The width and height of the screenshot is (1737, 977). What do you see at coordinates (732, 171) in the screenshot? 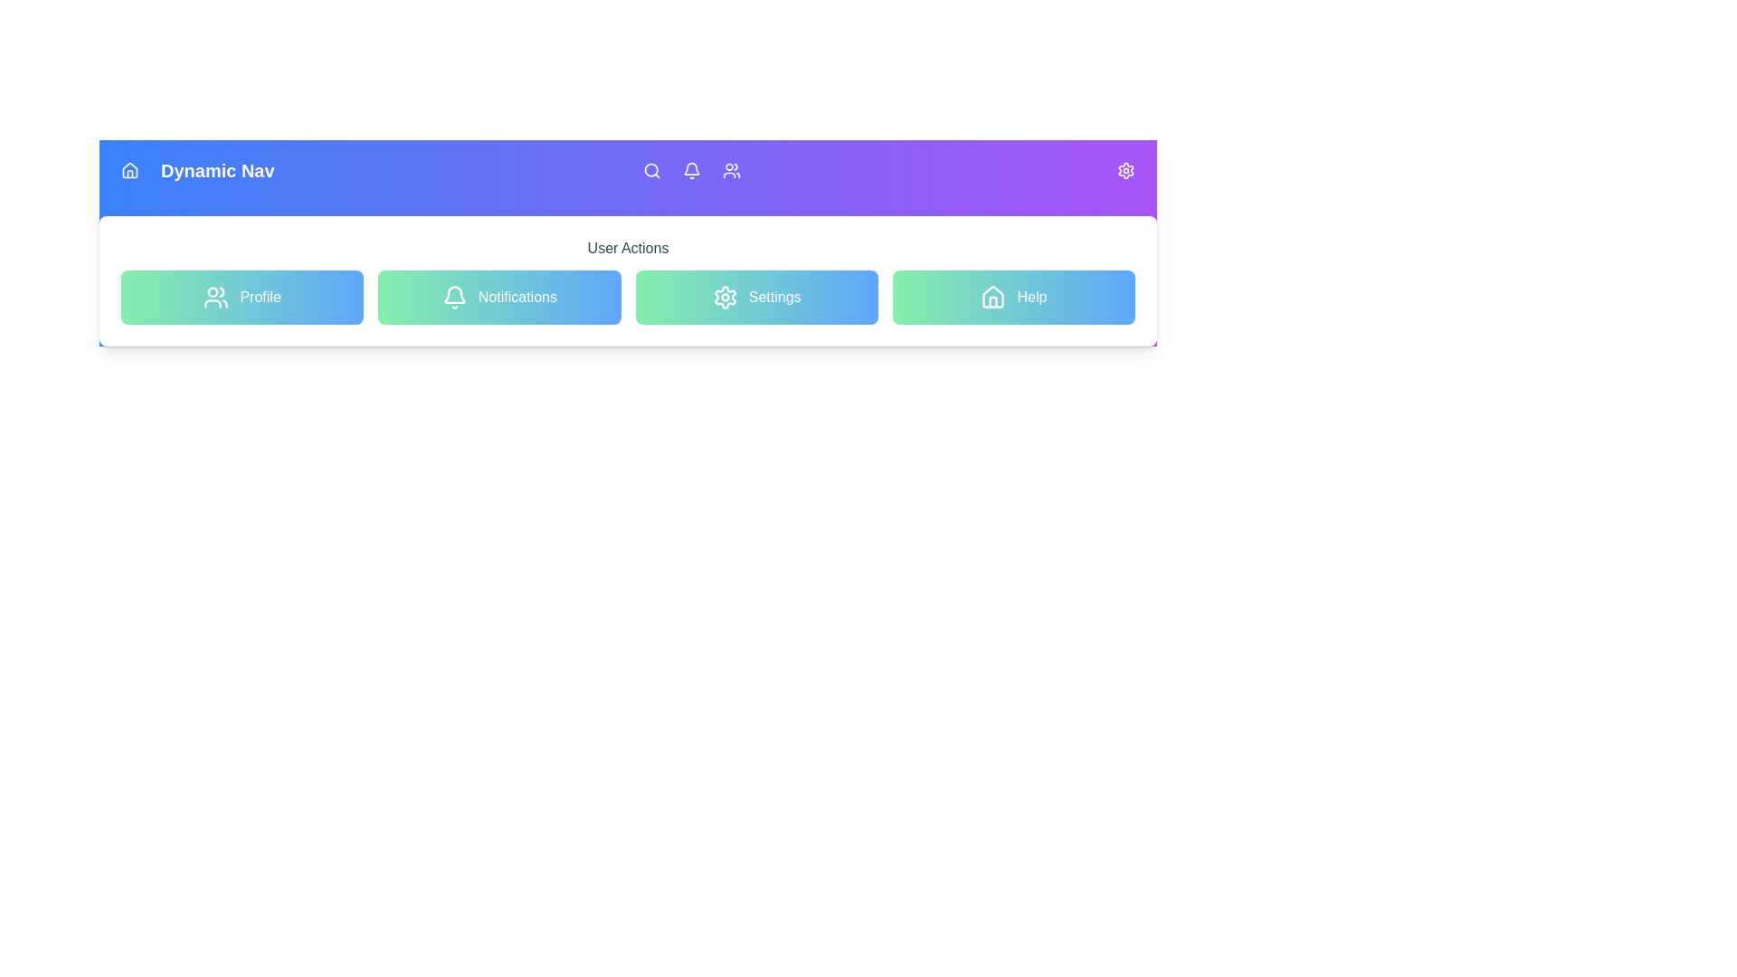
I see `the Users navigation icon` at bounding box center [732, 171].